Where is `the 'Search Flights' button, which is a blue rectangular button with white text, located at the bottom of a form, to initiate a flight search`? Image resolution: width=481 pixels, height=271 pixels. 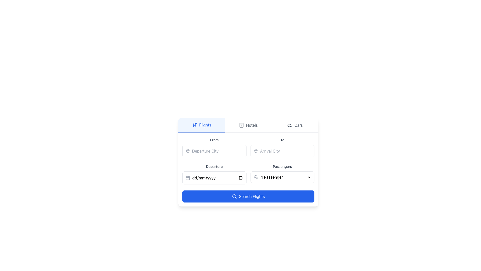
the 'Search Flights' button, which is a blue rectangular button with white text, located at the bottom of a form, to initiate a flight search is located at coordinates (252, 196).